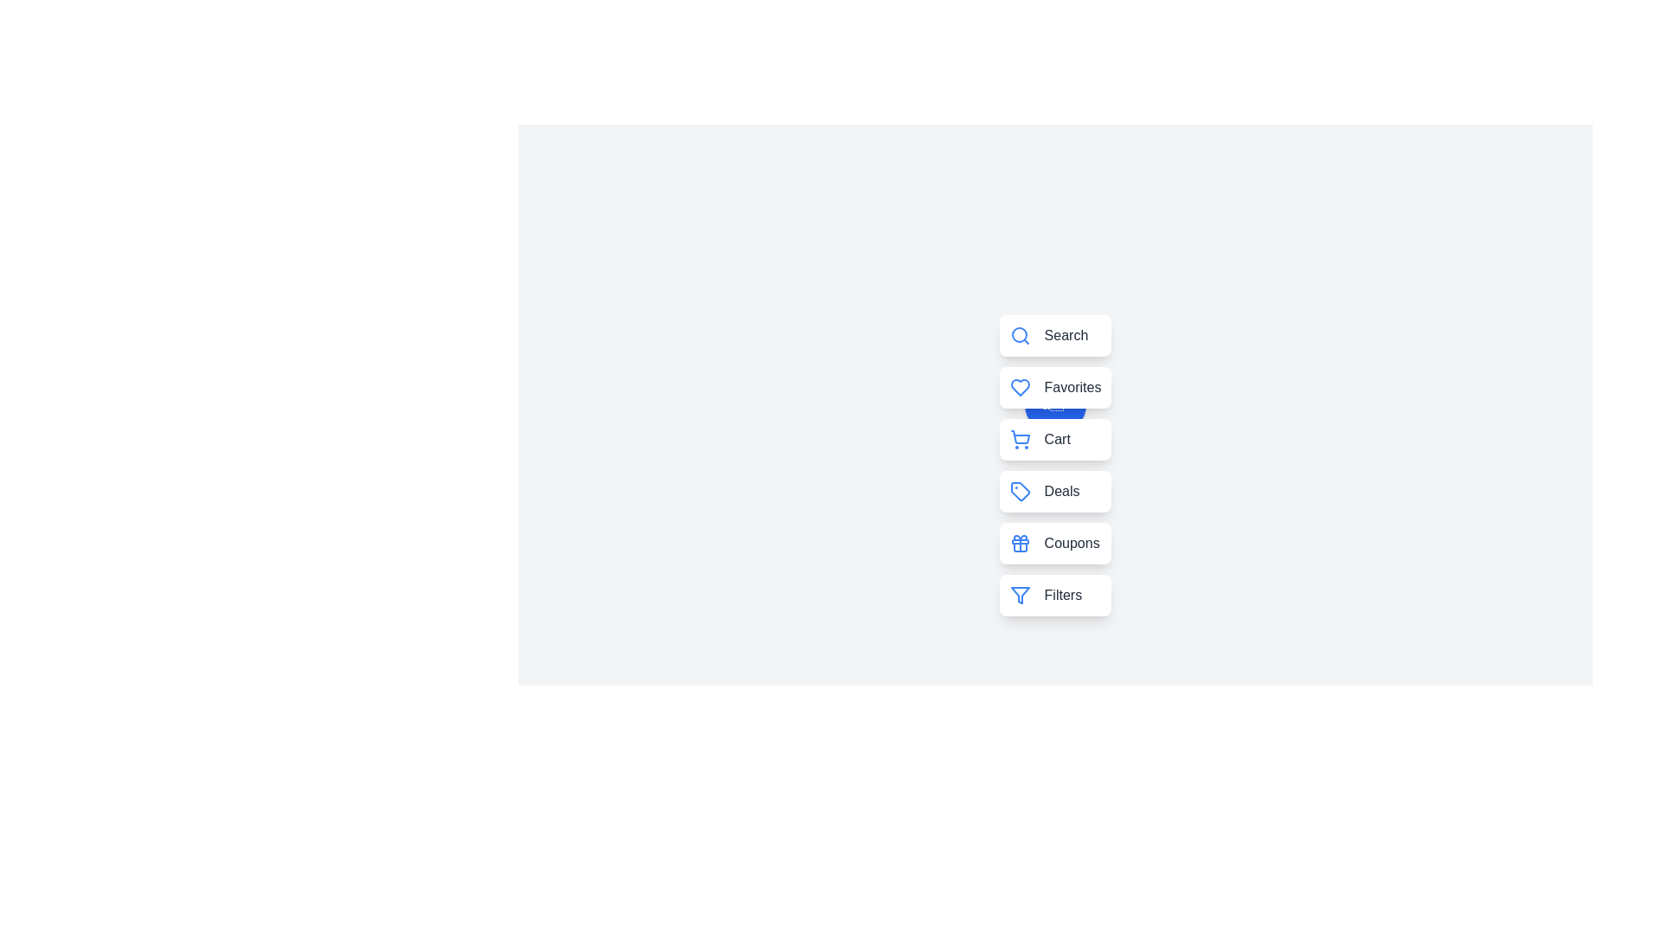 This screenshot has height=935, width=1662. Describe the element at coordinates (1020, 594) in the screenshot. I see `the design of the blue-colored filter funnel icon located to the left of the 'Filters' button in the vertical menu` at that location.